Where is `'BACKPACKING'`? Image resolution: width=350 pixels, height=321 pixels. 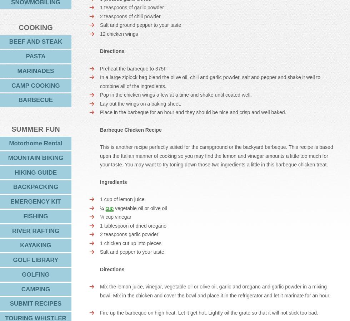
'BACKPACKING' is located at coordinates (12, 187).